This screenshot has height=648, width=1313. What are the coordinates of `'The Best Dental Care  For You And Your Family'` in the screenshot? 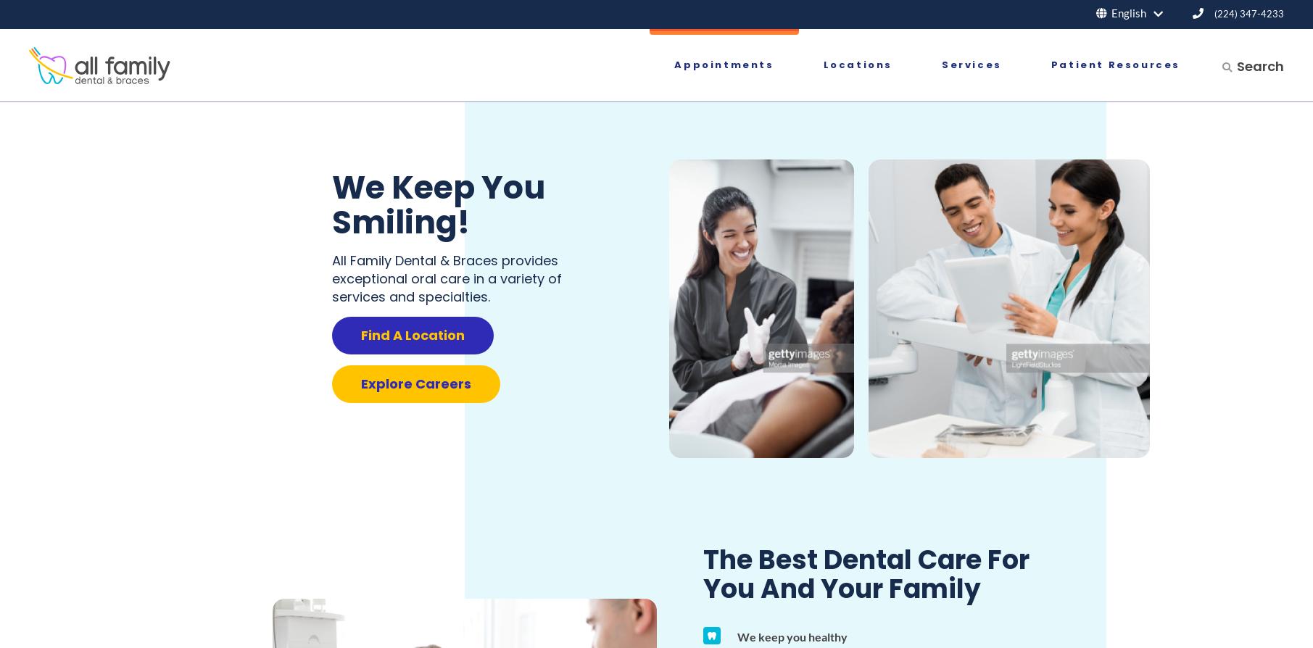 It's located at (702, 573).